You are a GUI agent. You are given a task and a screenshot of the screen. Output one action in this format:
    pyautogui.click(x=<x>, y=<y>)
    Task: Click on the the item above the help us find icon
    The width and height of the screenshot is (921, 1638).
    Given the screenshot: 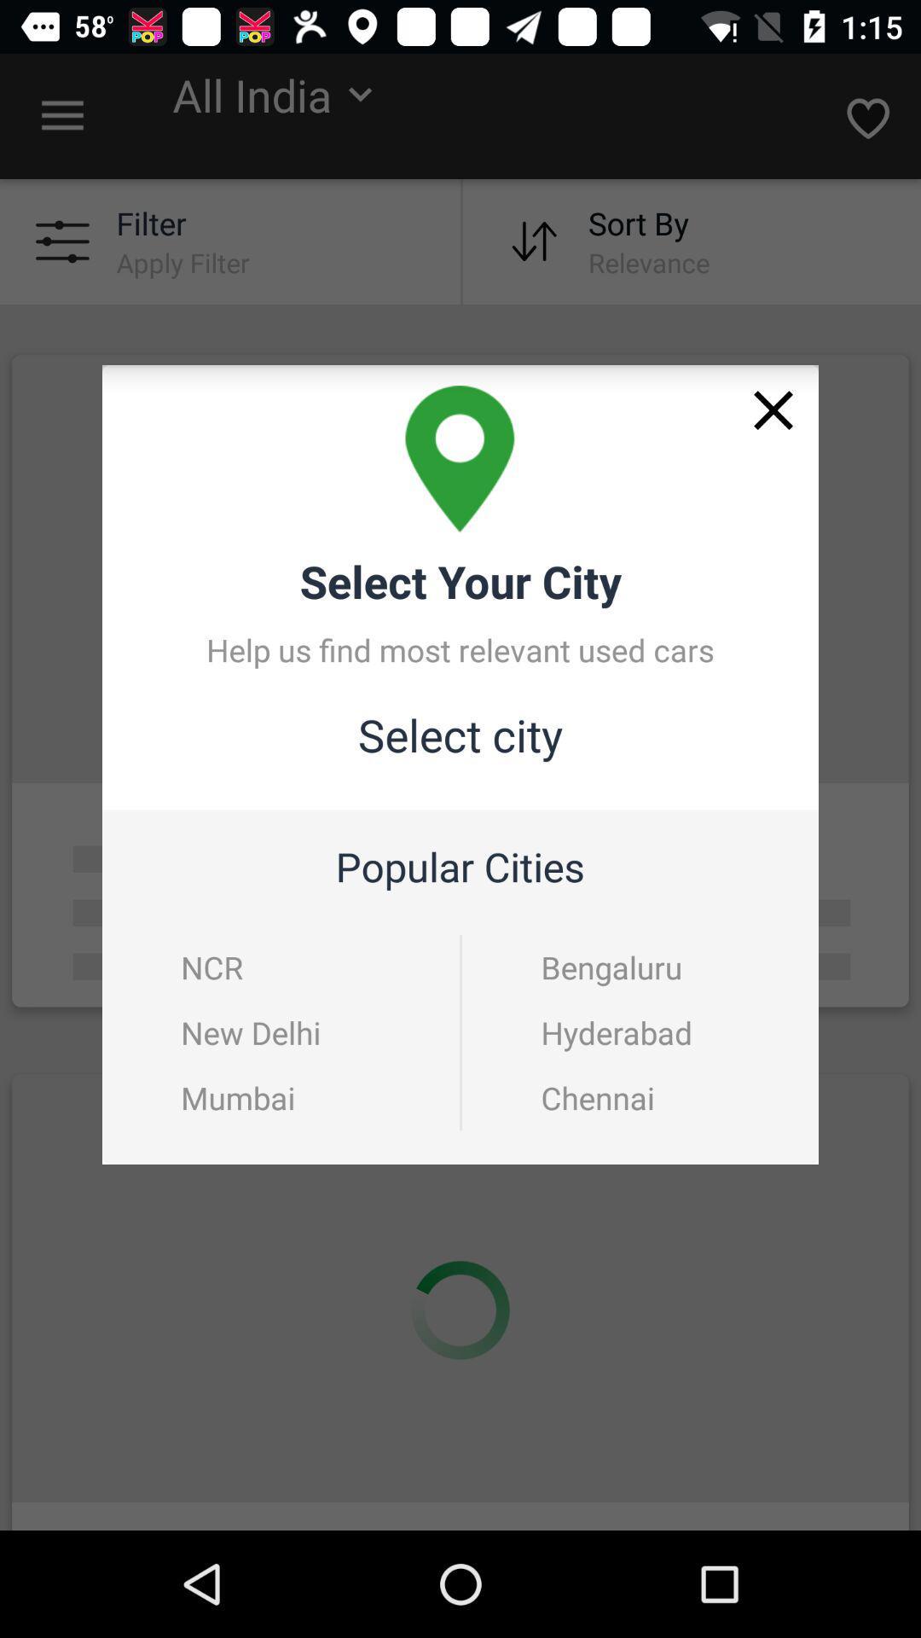 What is the action you would take?
    pyautogui.click(x=773, y=410)
    